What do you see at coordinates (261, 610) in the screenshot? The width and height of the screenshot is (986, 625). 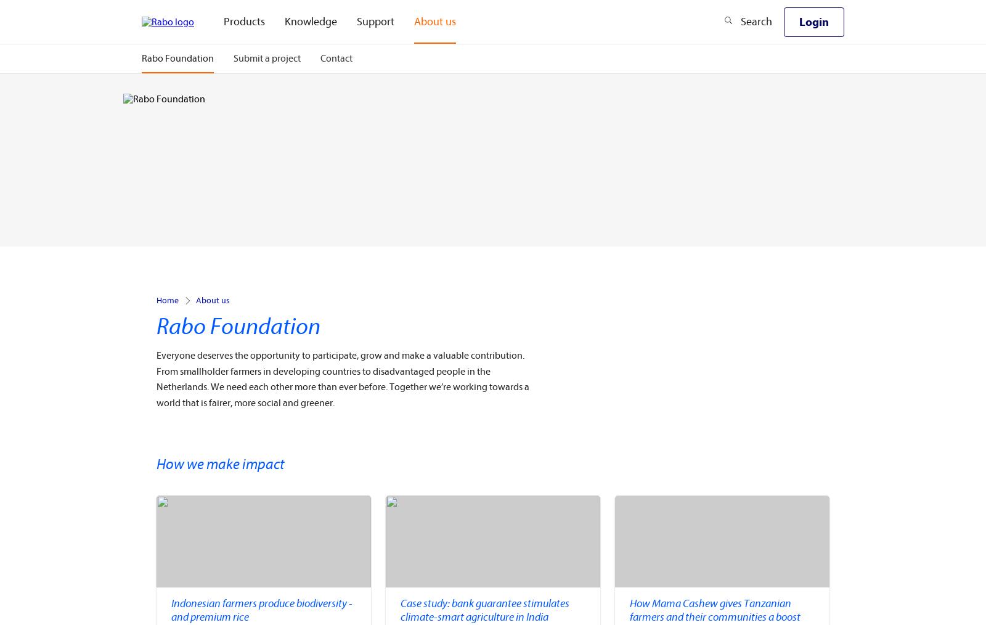 I see `'Indonesian farmers produce biodiversity - and premium rice'` at bounding box center [261, 610].